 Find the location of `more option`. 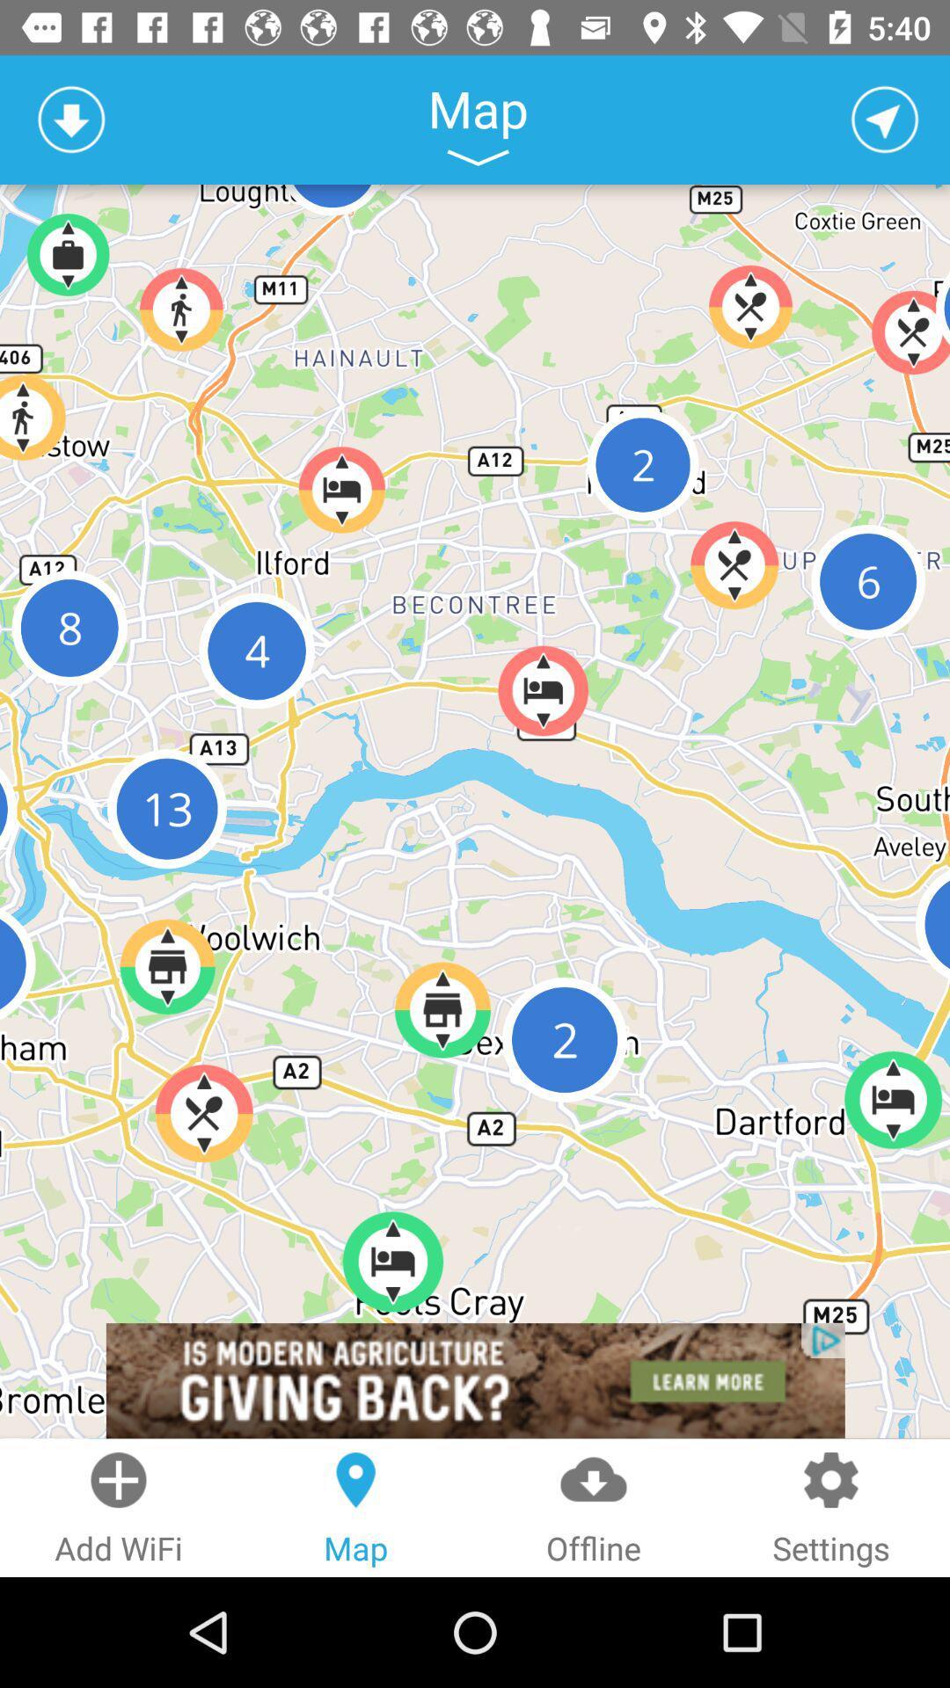

more option is located at coordinates (478, 157).